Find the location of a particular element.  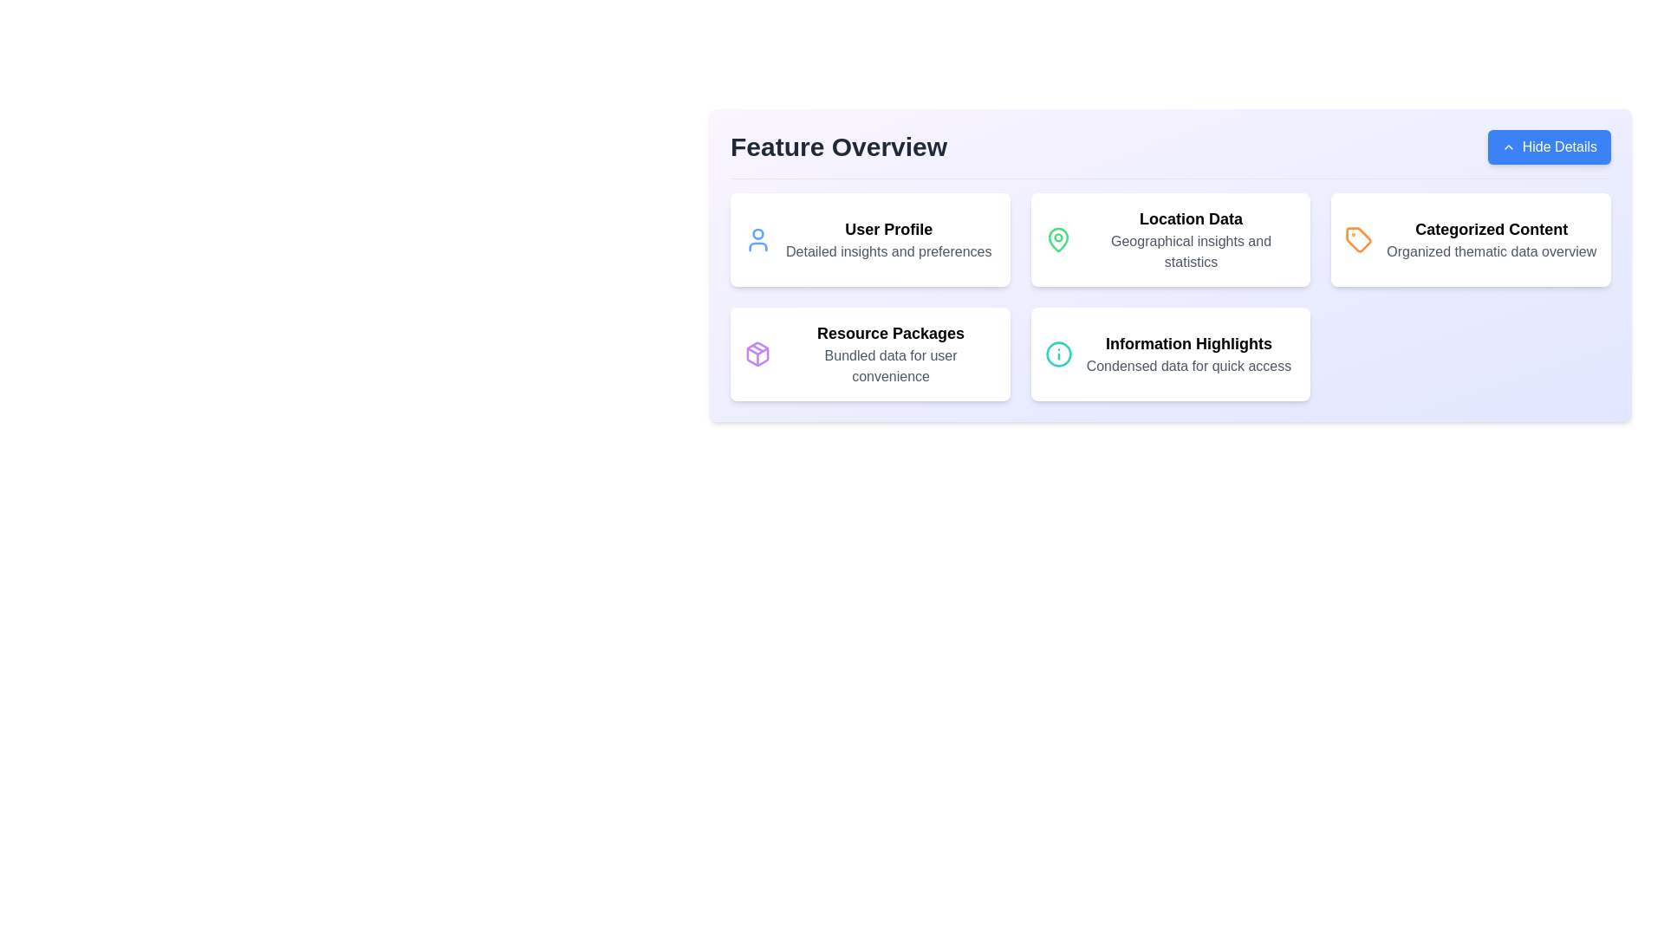

the Informative Card, which is a card-like component with a white background and an orange tag icon, located in the top-right corner of the grid layout is located at coordinates (1470, 240).